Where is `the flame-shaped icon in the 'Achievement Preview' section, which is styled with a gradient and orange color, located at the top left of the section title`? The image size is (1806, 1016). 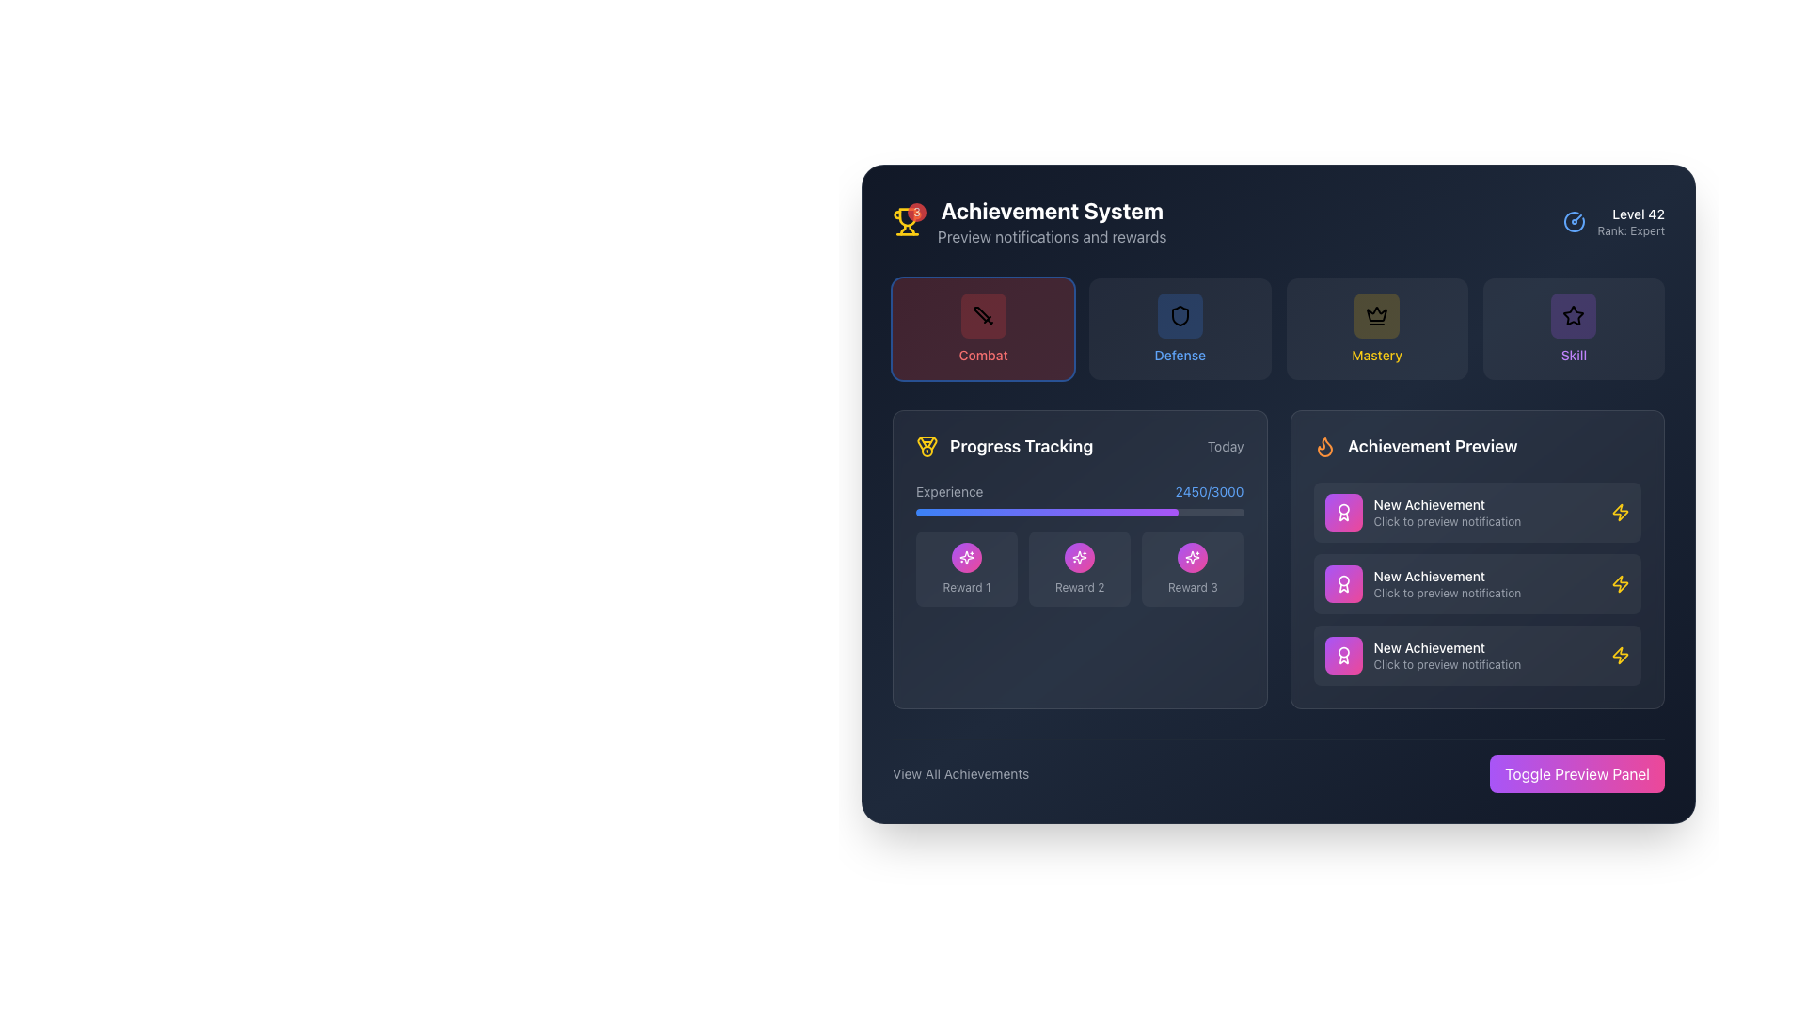 the flame-shaped icon in the 'Achievement Preview' section, which is styled with a gradient and orange color, located at the top left of the section title is located at coordinates (1323, 447).